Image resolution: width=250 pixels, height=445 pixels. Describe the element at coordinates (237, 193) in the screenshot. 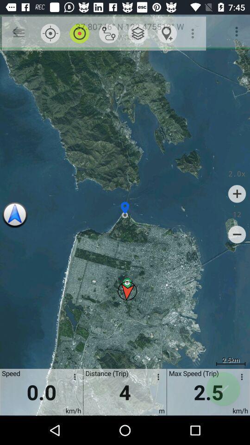

I see `item below 2.0x icon` at that location.